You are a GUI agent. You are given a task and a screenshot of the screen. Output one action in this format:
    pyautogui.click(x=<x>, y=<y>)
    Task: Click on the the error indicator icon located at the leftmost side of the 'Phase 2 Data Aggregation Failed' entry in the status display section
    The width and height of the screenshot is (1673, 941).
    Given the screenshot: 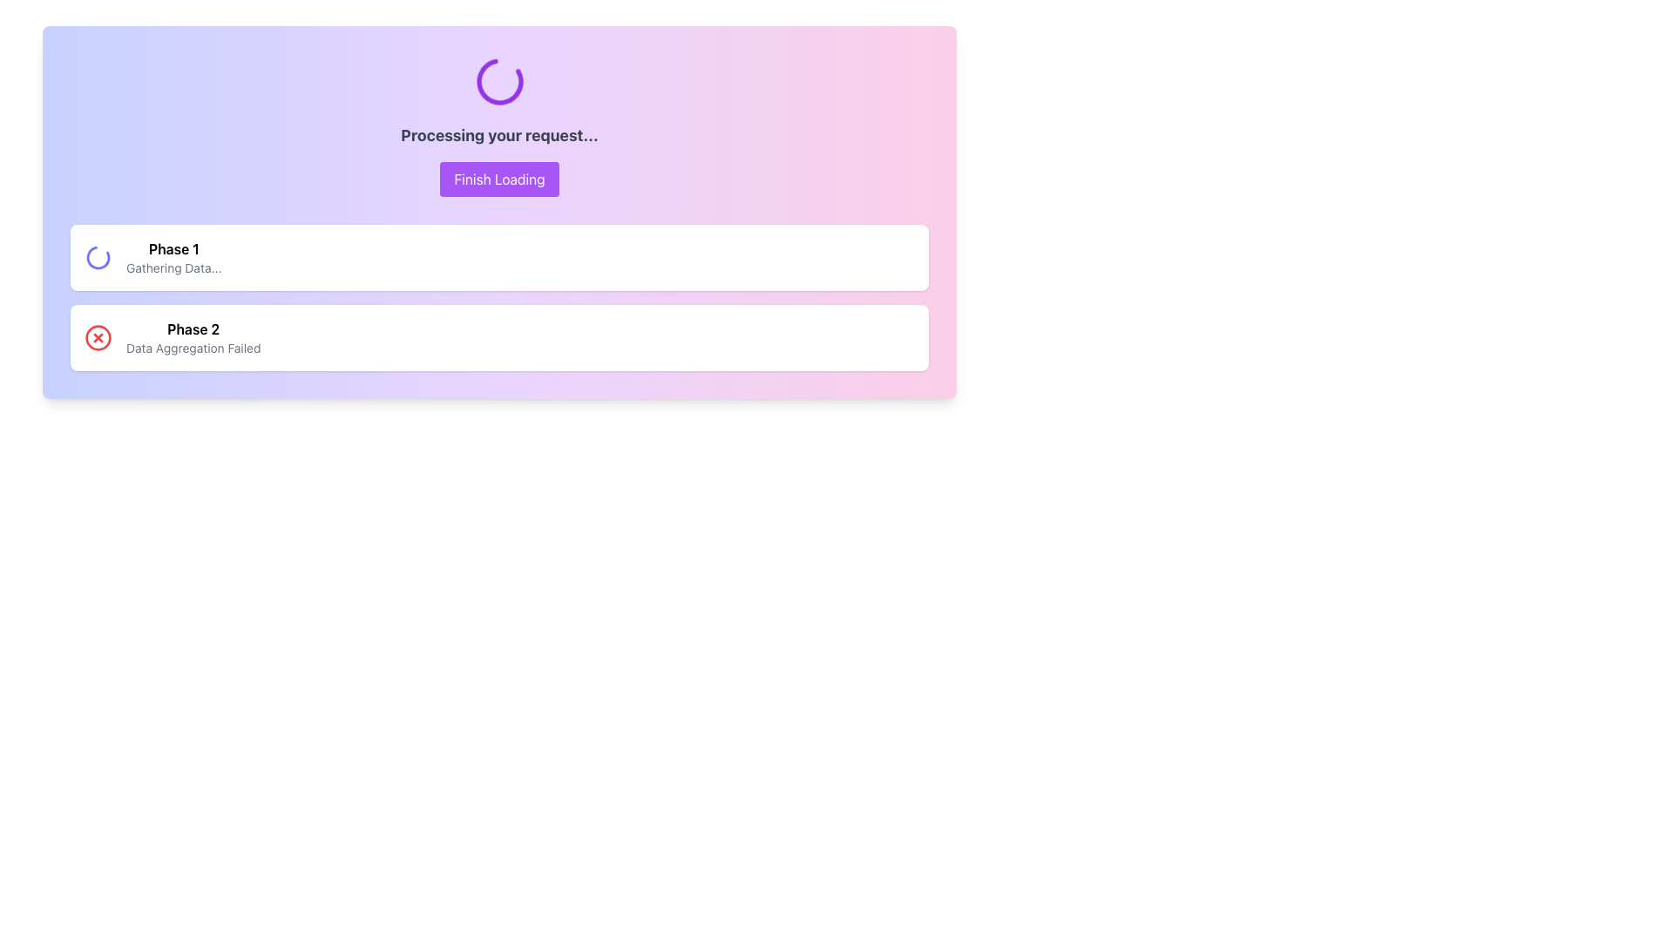 What is the action you would take?
    pyautogui.click(x=98, y=338)
    